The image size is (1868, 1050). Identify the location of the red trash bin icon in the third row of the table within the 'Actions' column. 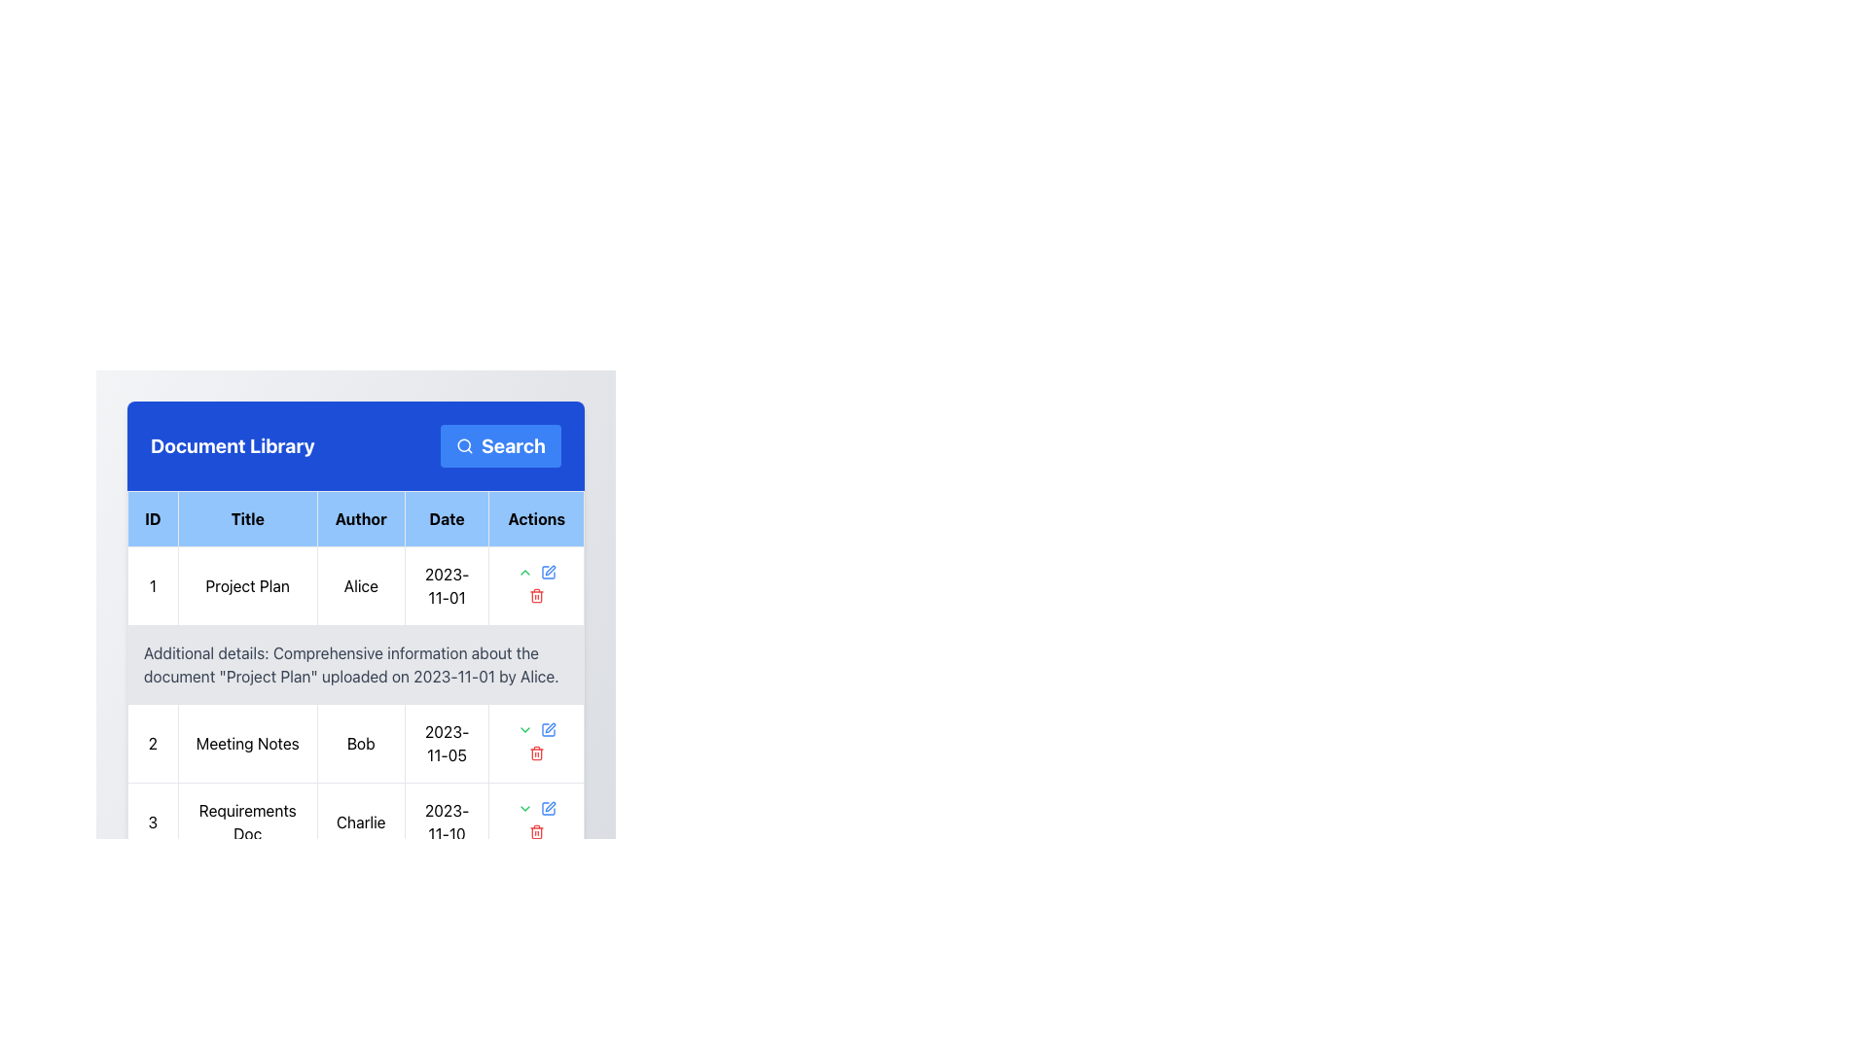
(536, 752).